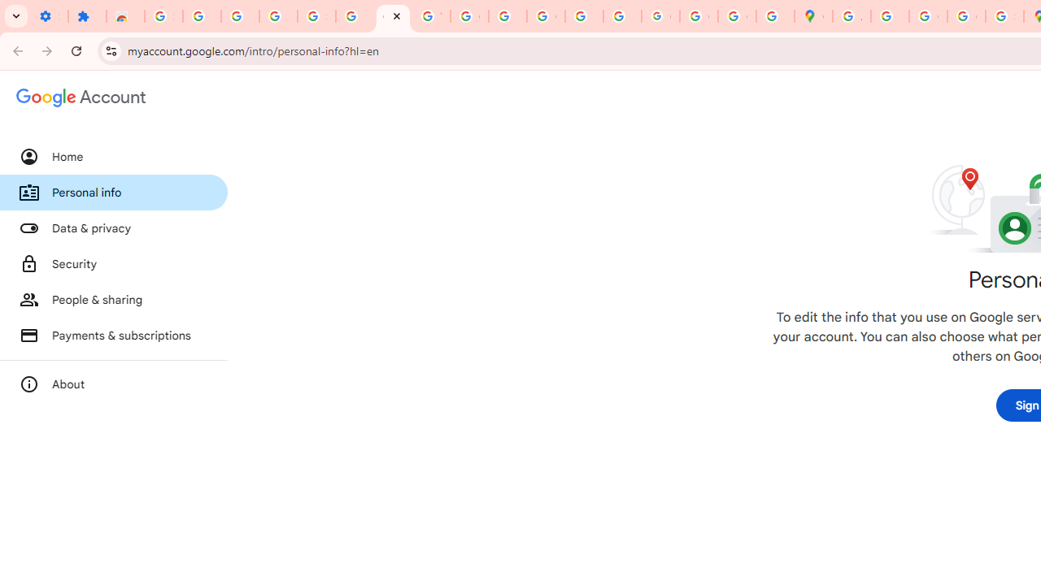  What do you see at coordinates (928, 16) in the screenshot?
I see `'Create your Google Account'` at bounding box center [928, 16].